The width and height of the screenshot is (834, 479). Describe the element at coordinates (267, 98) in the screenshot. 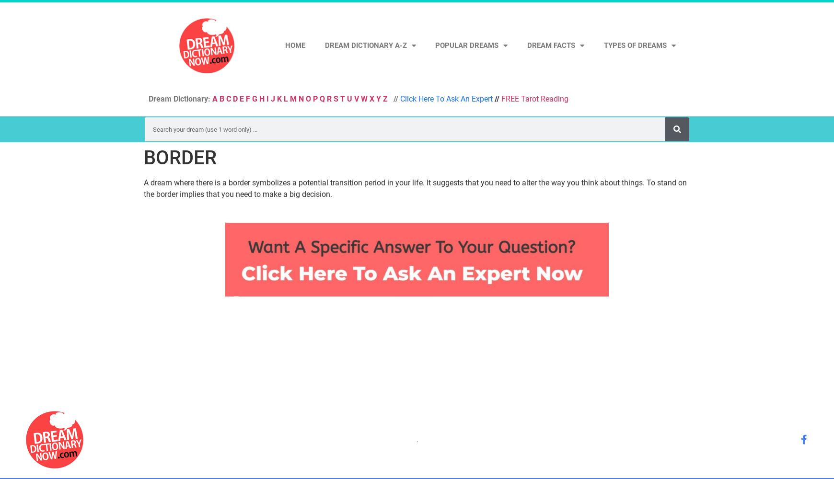

I see `'I'` at that location.